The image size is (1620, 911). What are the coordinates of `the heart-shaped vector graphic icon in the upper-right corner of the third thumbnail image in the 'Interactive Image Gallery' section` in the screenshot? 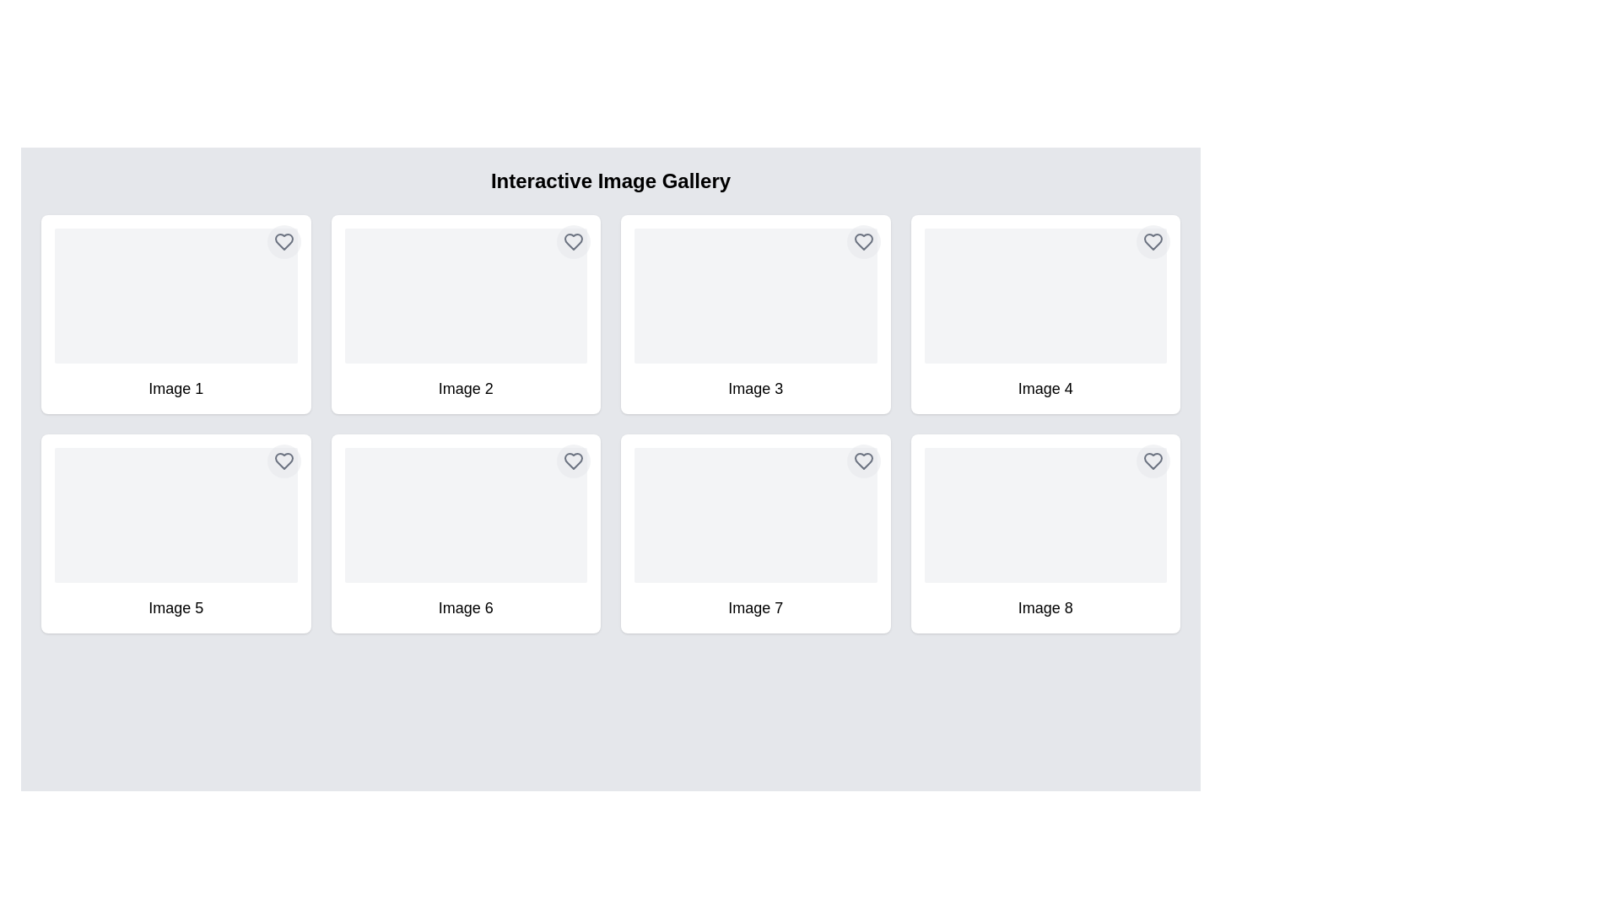 It's located at (863, 241).